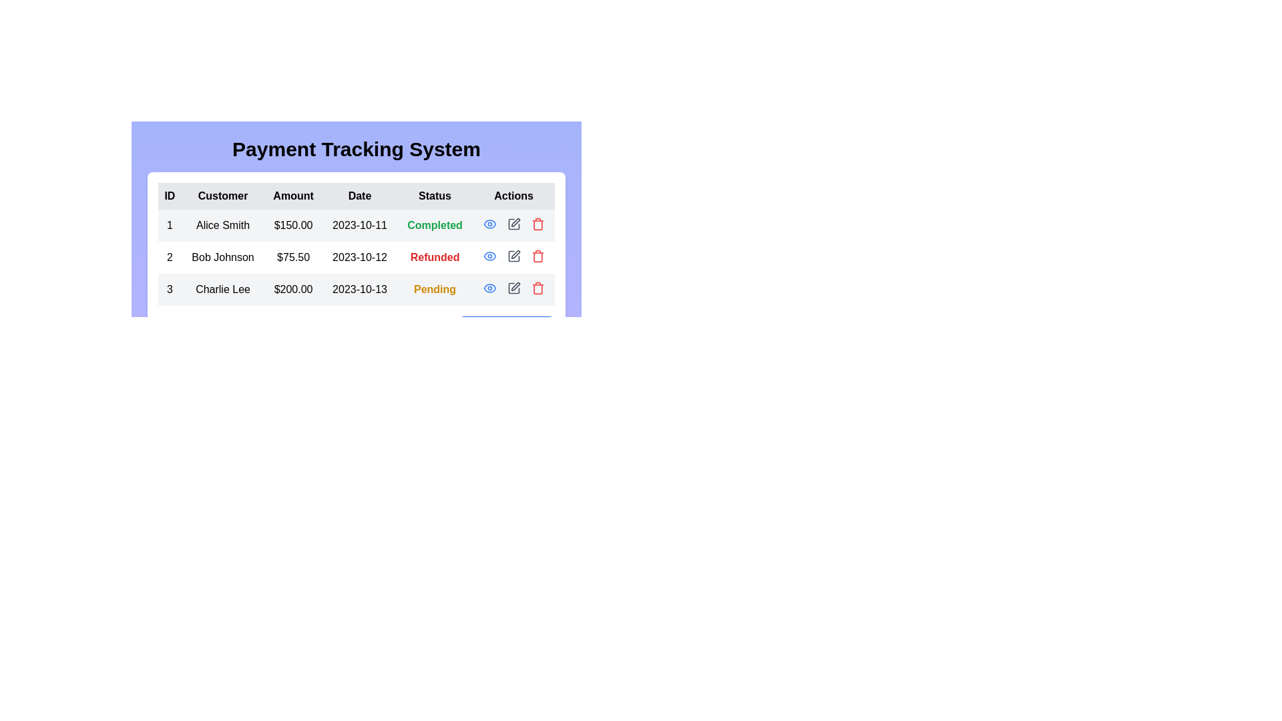  Describe the element at coordinates (223, 225) in the screenshot. I see `the text label displaying the customer name 'Alice Smith' located in the 'Customer' column of the first row of the transaction table` at that location.